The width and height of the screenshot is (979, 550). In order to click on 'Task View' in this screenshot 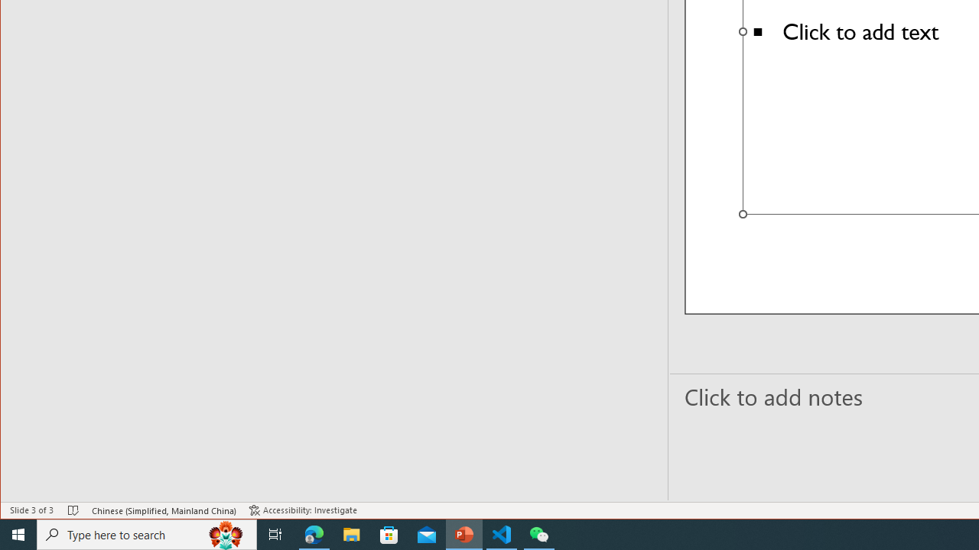, I will do `click(275, 533)`.